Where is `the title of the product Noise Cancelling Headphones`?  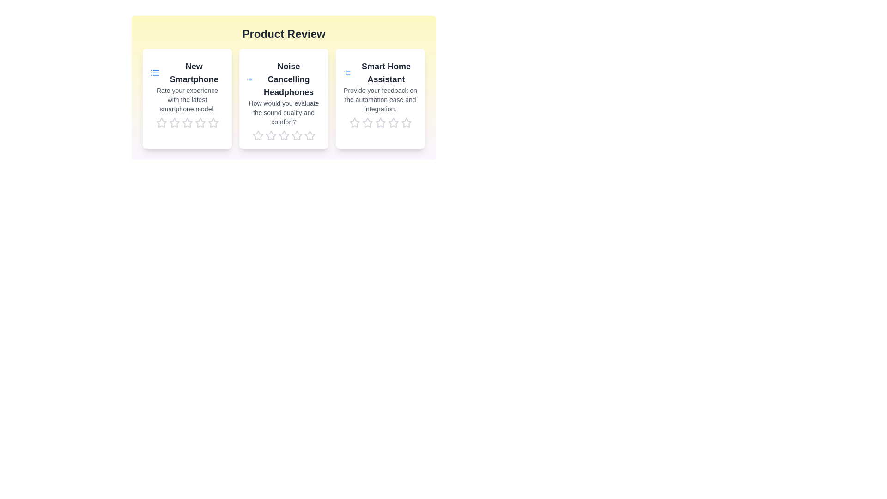 the title of the product Noise Cancelling Headphones is located at coordinates (283, 79).